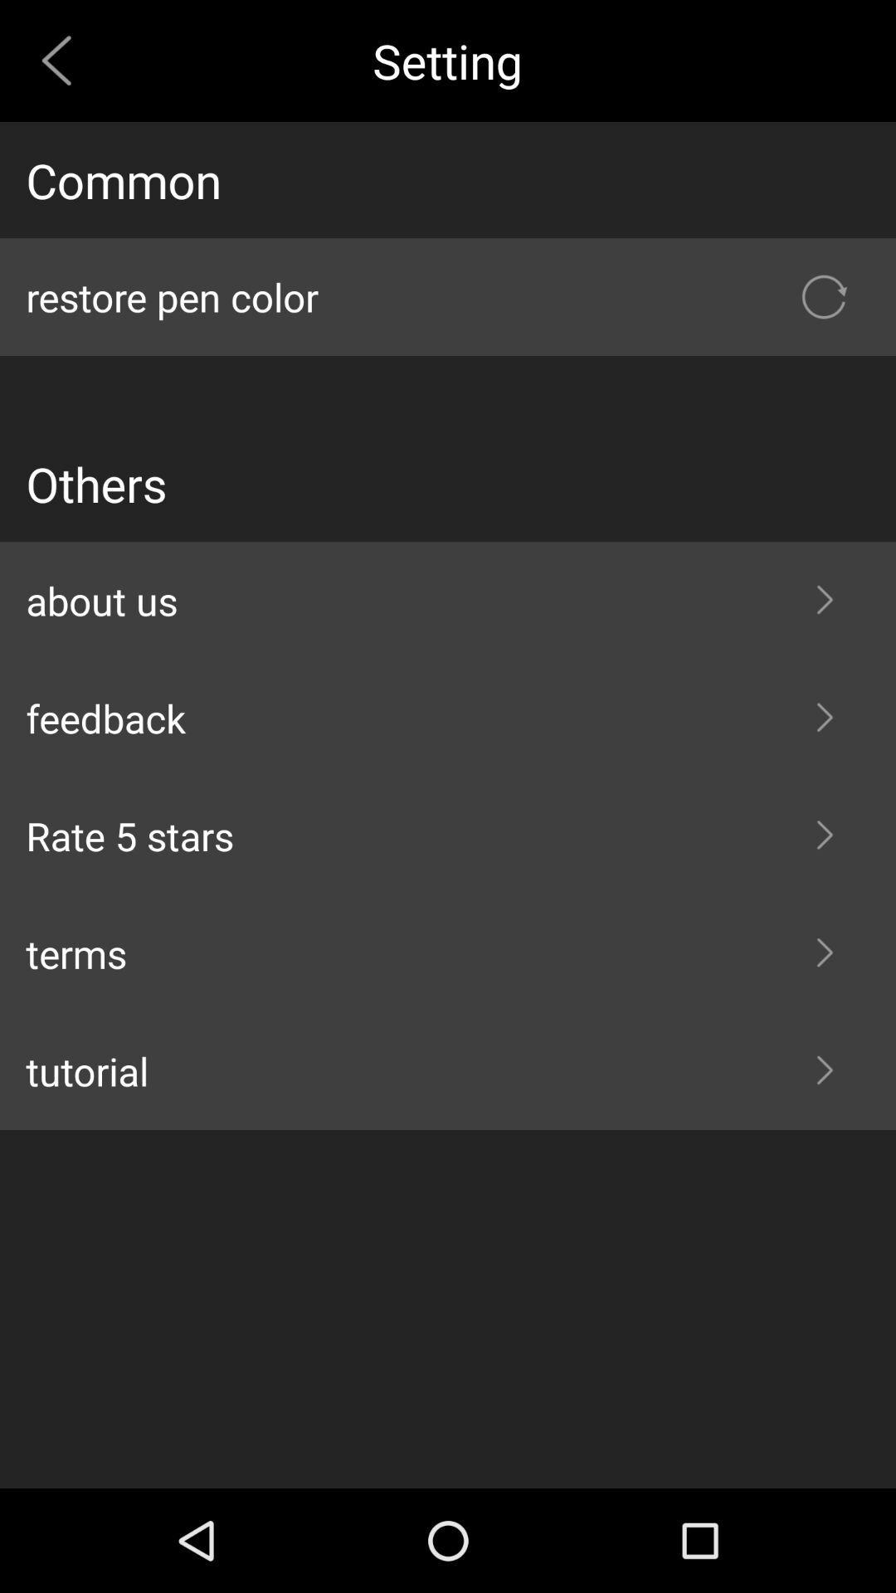  Describe the element at coordinates (448, 835) in the screenshot. I see `the item above terms icon` at that location.